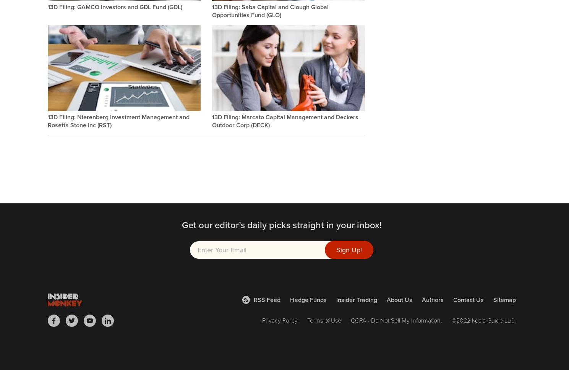  Describe the element at coordinates (468, 299) in the screenshot. I see `'Contact Us'` at that location.